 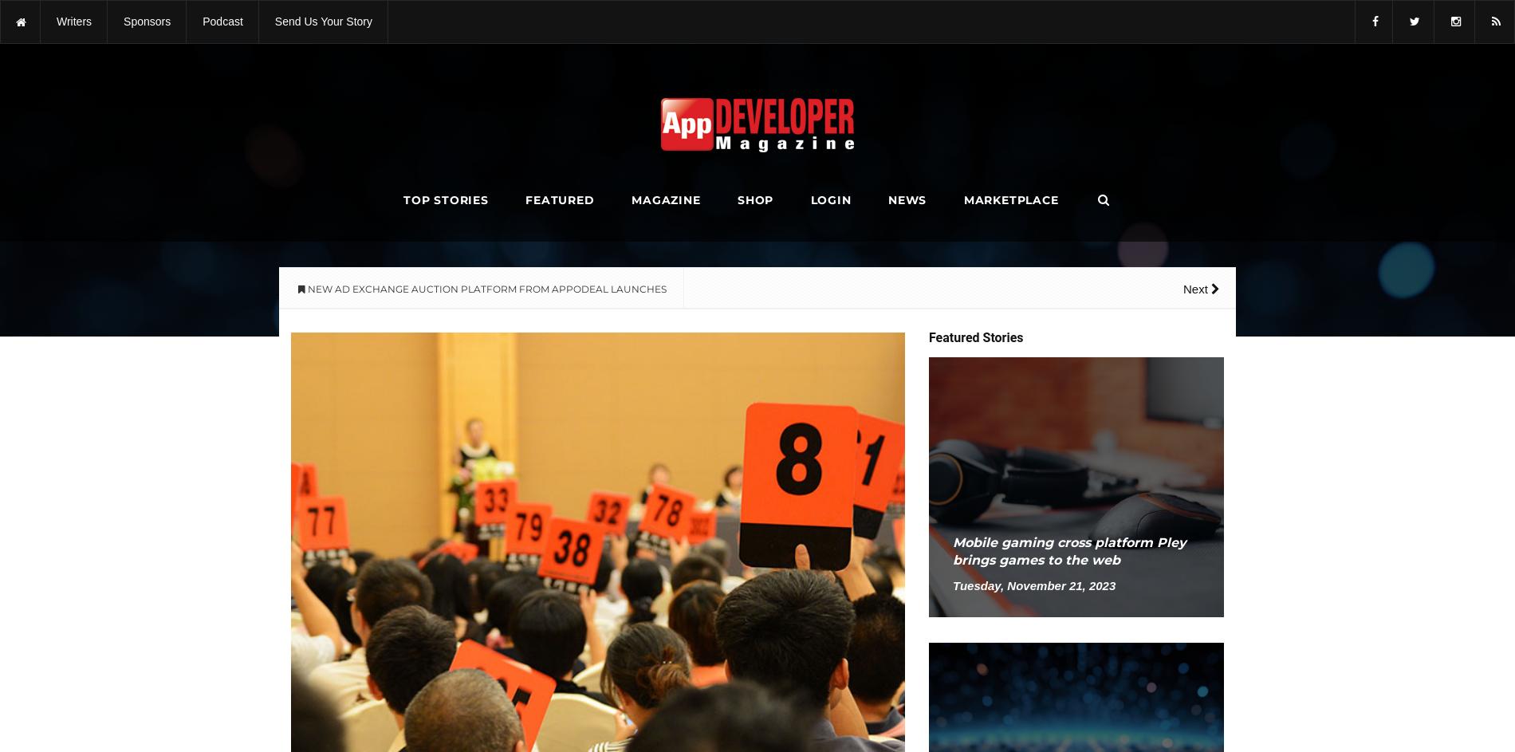 What do you see at coordinates (486, 289) in the screenshot?
I see `'NEW AD EXCHANGE AUCTION PLATFORM FROM APPODEAL LAUNCHES'` at bounding box center [486, 289].